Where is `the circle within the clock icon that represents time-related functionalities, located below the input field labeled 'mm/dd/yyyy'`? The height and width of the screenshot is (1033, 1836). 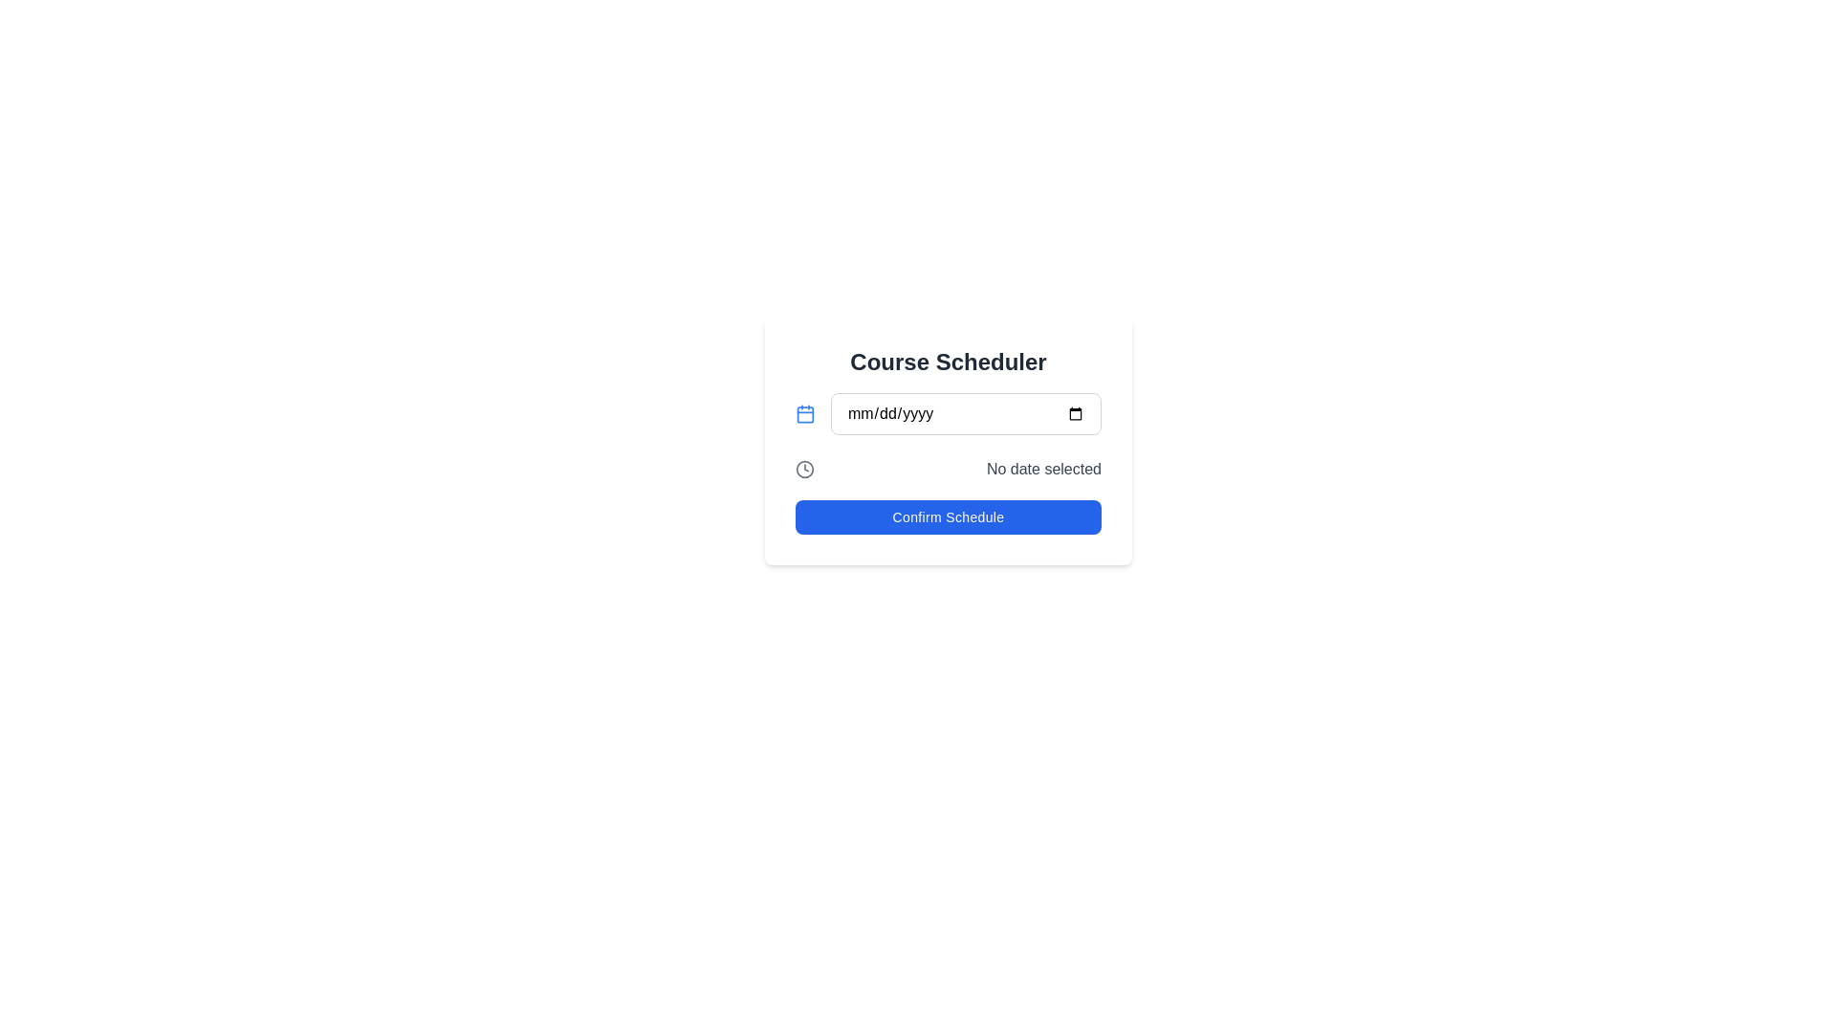
the circle within the clock icon that represents time-related functionalities, located below the input field labeled 'mm/dd/yyyy' is located at coordinates (804, 469).